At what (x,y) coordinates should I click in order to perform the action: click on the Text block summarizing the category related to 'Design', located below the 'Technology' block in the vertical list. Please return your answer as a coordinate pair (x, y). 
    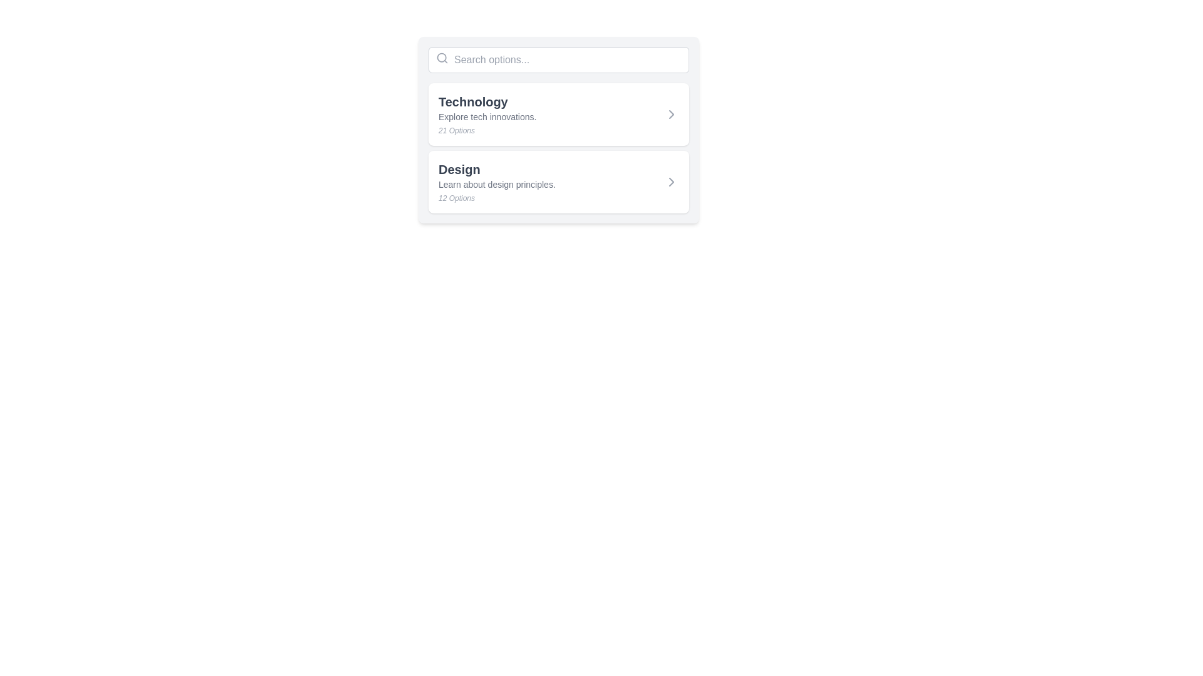
    Looking at the image, I should click on (496, 182).